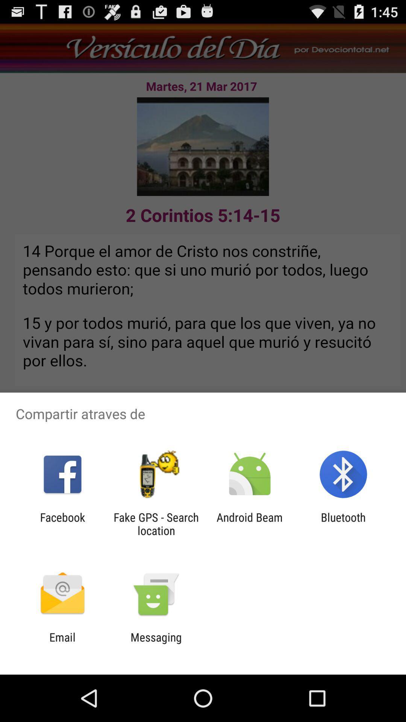 This screenshot has height=722, width=406. What do you see at coordinates (250, 523) in the screenshot?
I see `icon next to the fake gps search item` at bounding box center [250, 523].